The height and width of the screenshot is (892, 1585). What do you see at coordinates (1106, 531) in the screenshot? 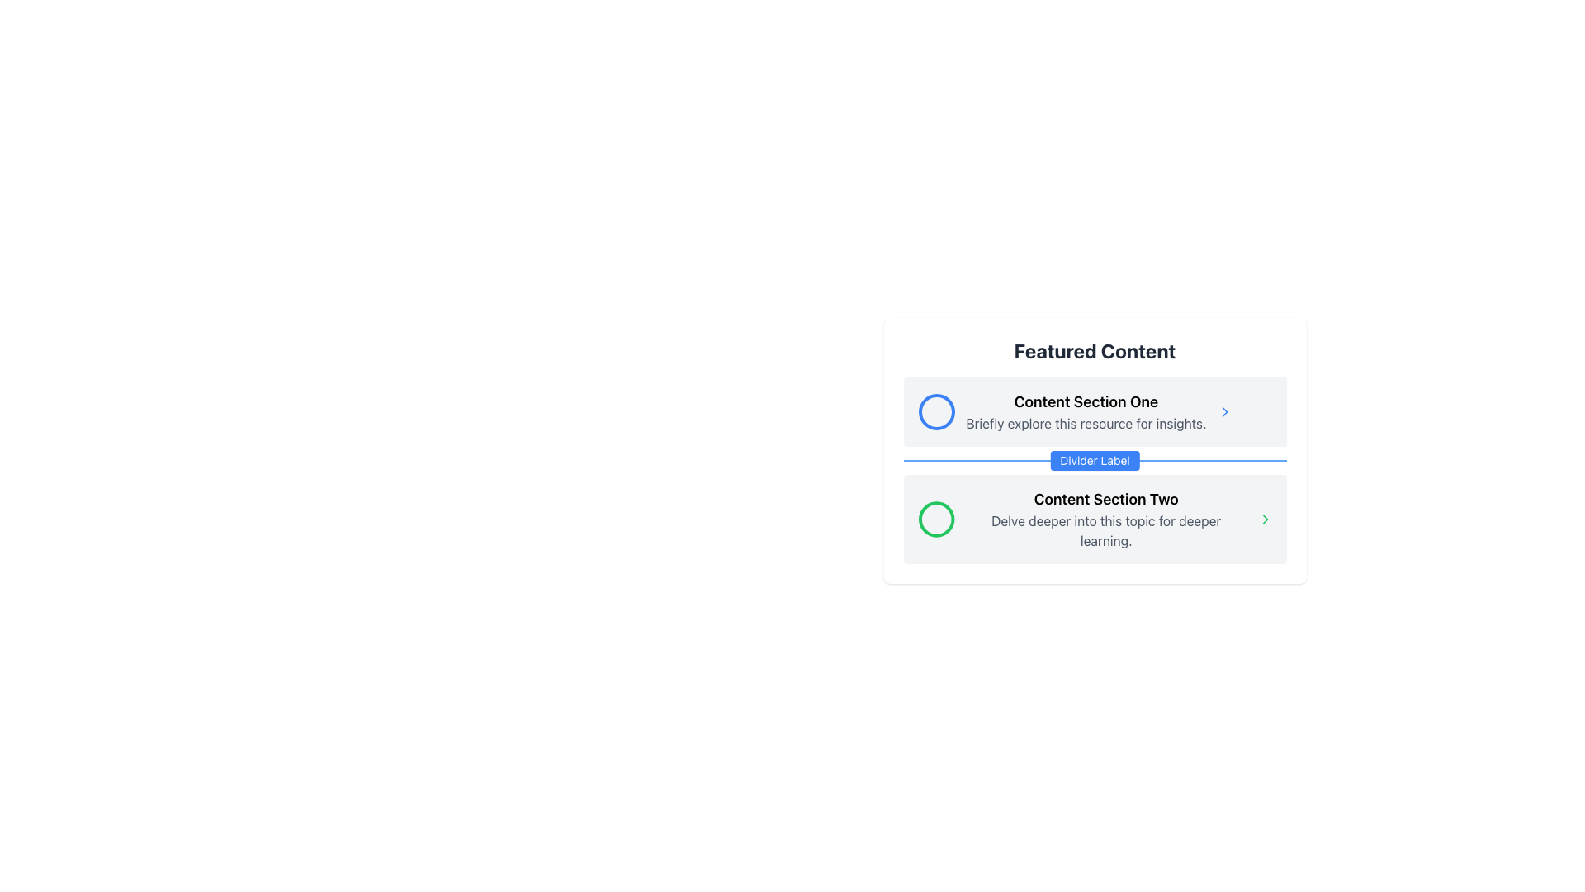
I see `descriptive text label that provides additional context for the topic header 'Content Section Two' located within 'Content Section Two'` at bounding box center [1106, 531].